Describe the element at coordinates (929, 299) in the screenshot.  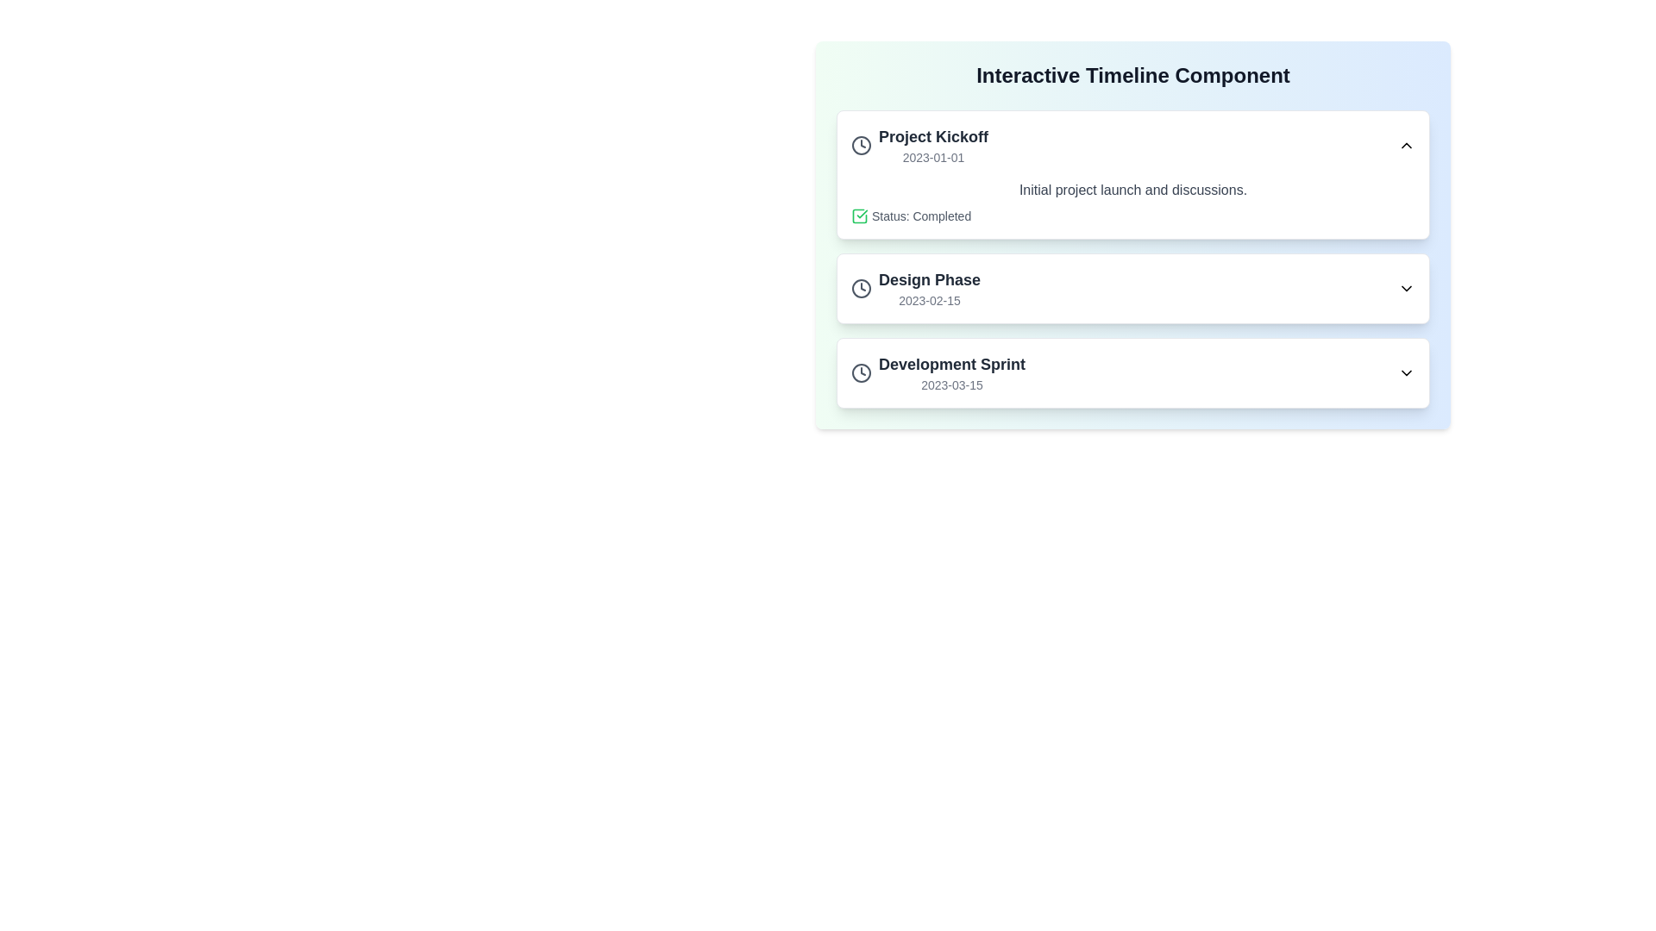
I see `the date label indicating the 'Design Phase' in the timeline interface, which is located directly below the header label 'Design Phase.'` at that location.